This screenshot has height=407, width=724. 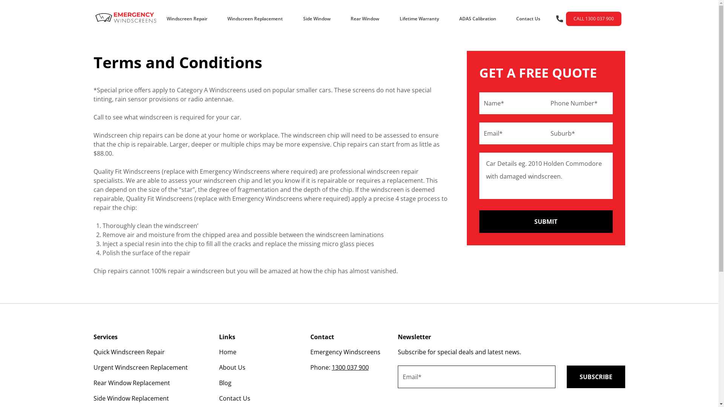 I want to click on 'ADAS Calibration', so click(x=477, y=18).